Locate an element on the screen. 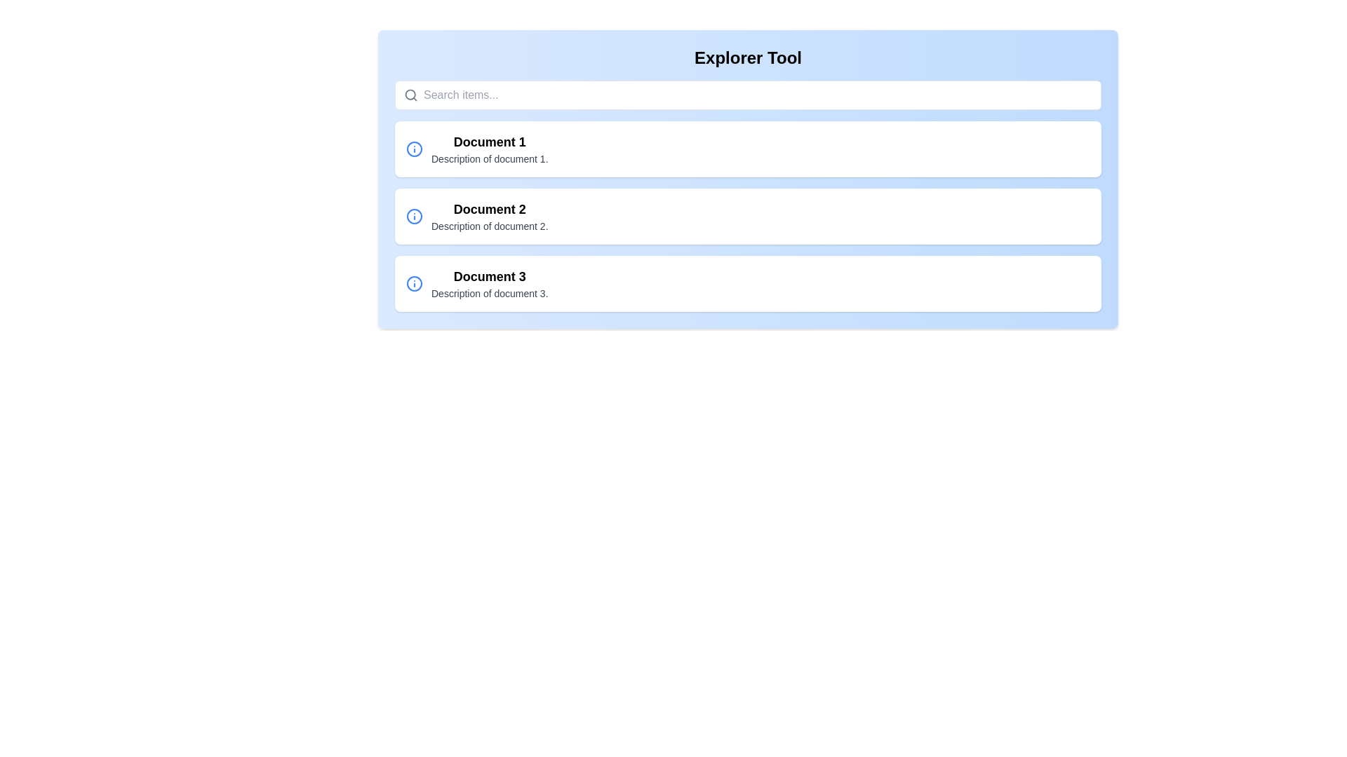 This screenshot has height=757, width=1347. the text label that serves as the title of the first document in the list is located at coordinates (490, 142).